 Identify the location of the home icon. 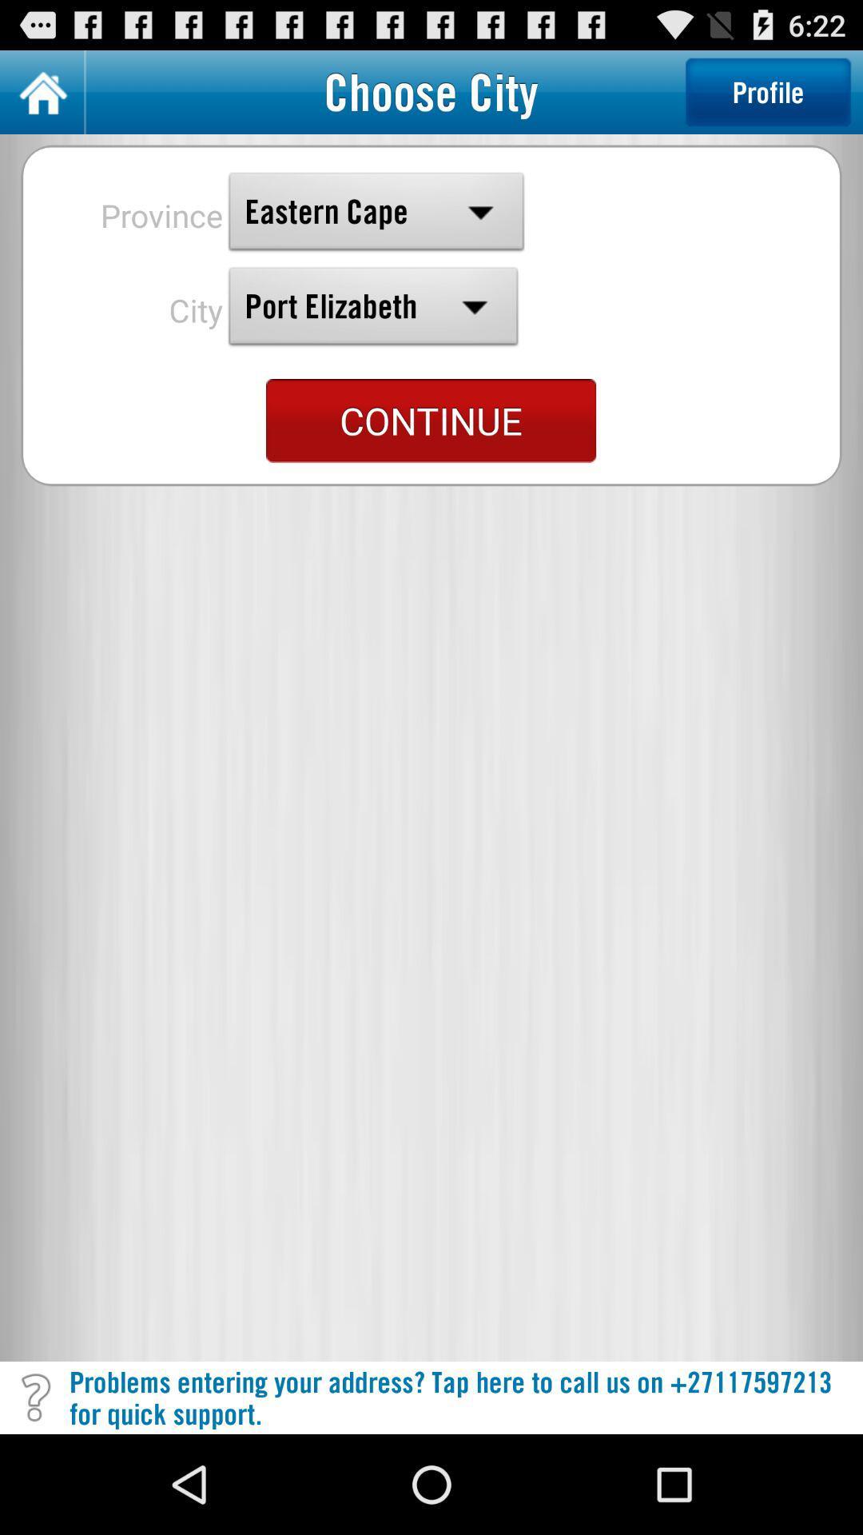
(41, 98).